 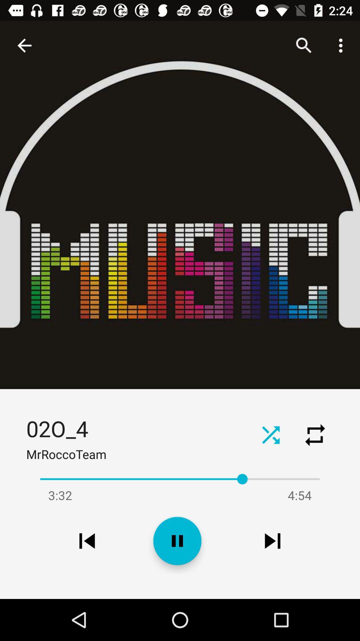 What do you see at coordinates (271, 435) in the screenshot?
I see `icon to the right of mrroccoteam item` at bounding box center [271, 435].